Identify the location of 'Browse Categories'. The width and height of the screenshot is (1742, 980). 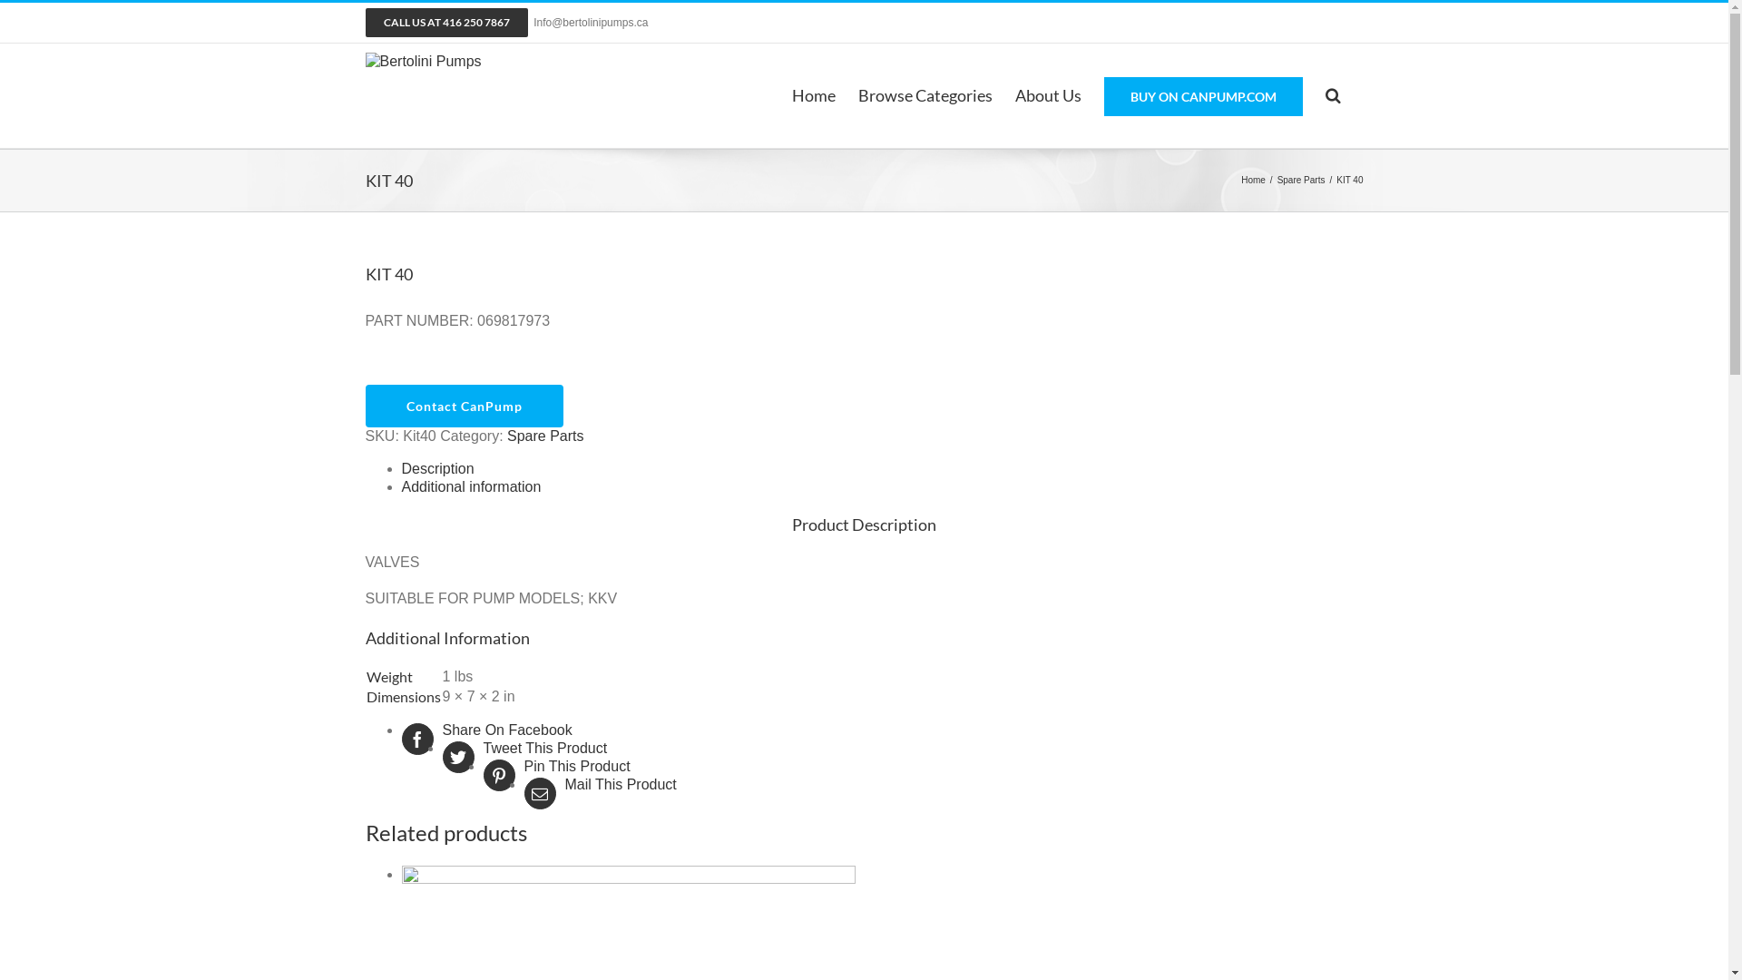
(925, 95).